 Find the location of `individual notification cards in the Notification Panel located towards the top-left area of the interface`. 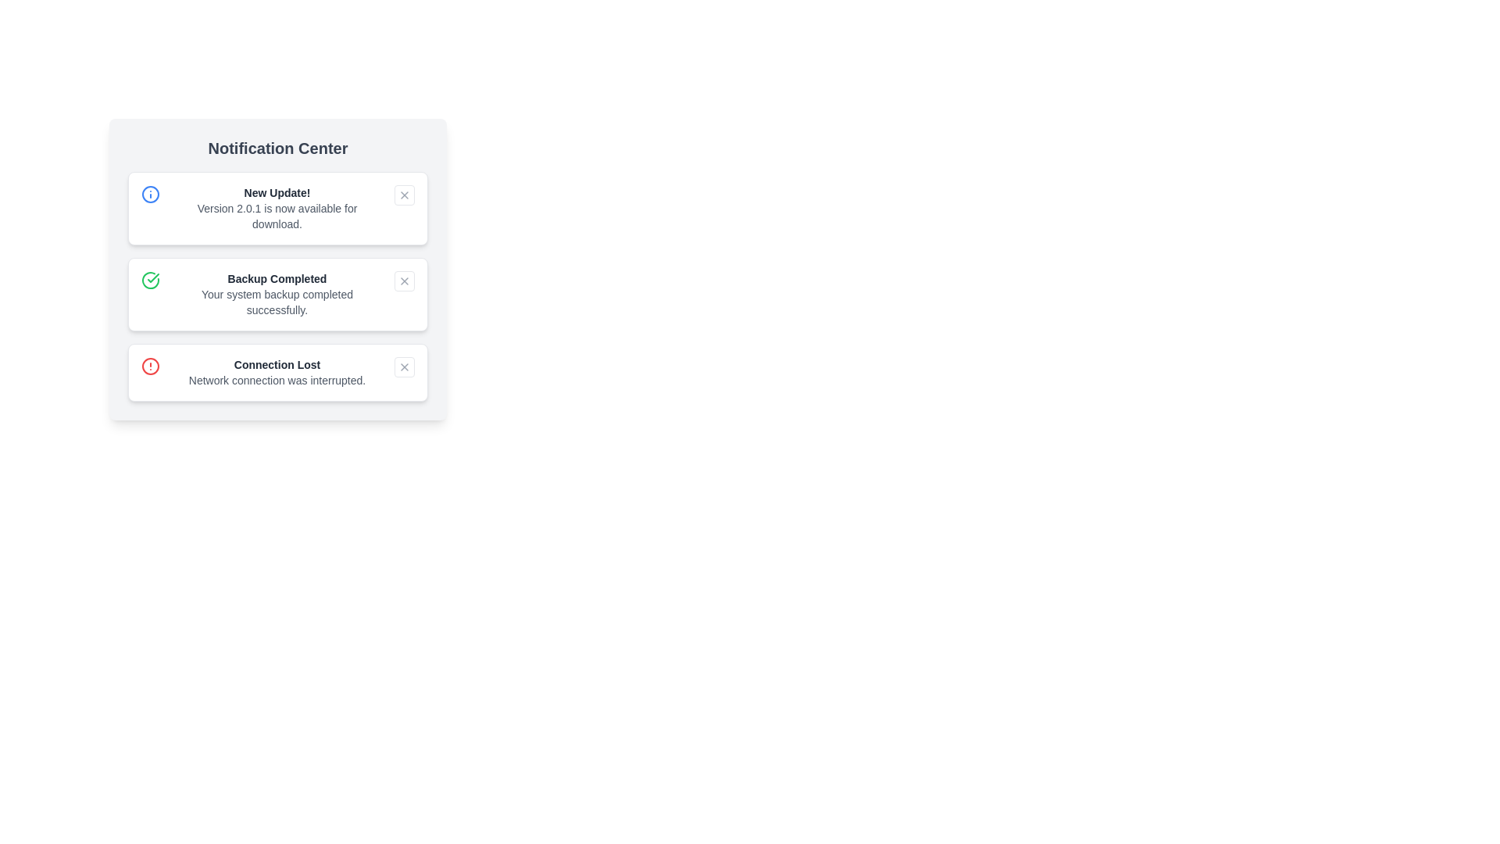

individual notification cards in the Notification Panel located towards the top-left area of the interface is located at coordinates (277, 295).